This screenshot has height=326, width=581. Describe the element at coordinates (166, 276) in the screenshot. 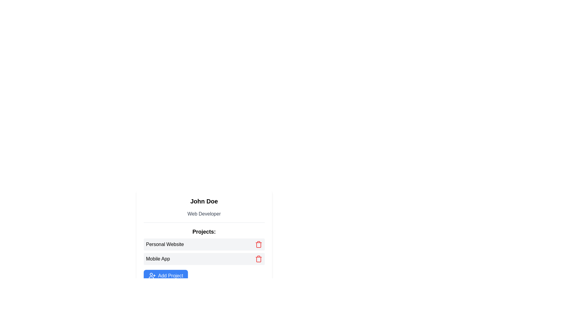

I see `the blue button with rounded corners and the text 'Add Project'` at that location.